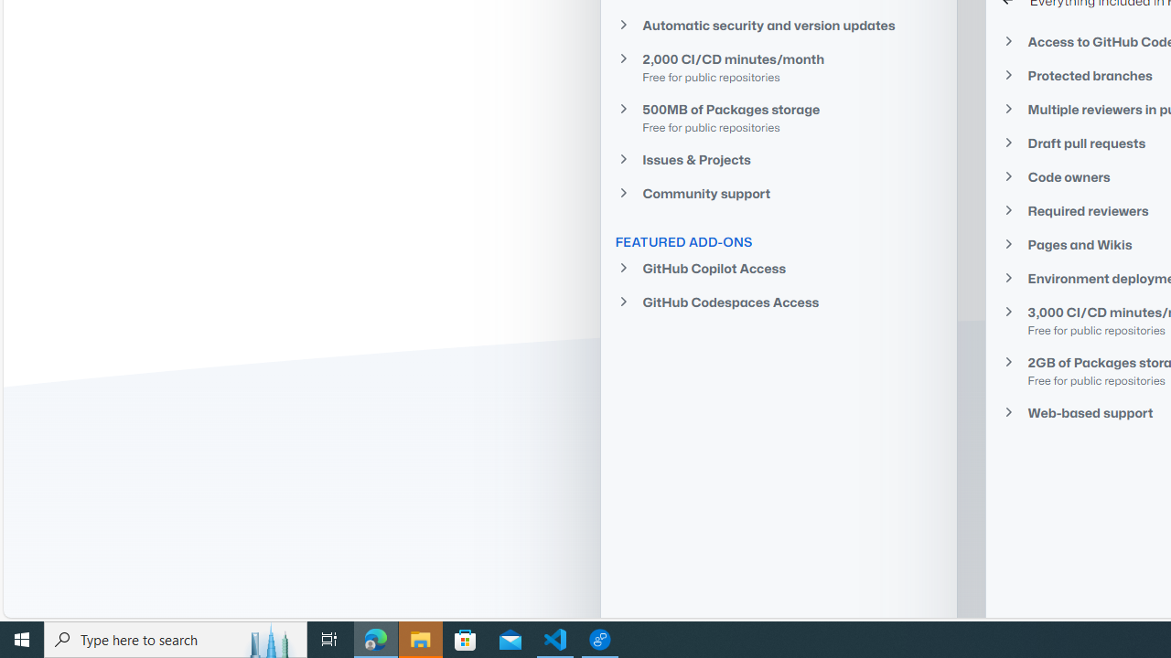 The height and width of the screenshot is (658, 1171). Describe the element at coordinates (779, 194) in the screenshot. I see `'Community support'` at that location.